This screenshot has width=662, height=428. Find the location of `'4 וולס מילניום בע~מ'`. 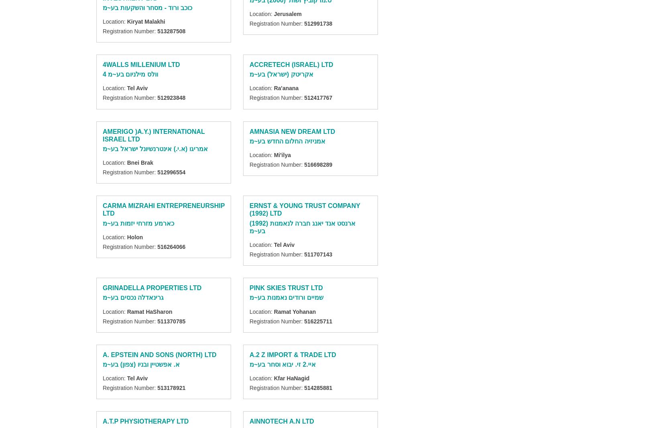

'4 וולס מילניום בע~מ' is located at coordinates (130, 74).